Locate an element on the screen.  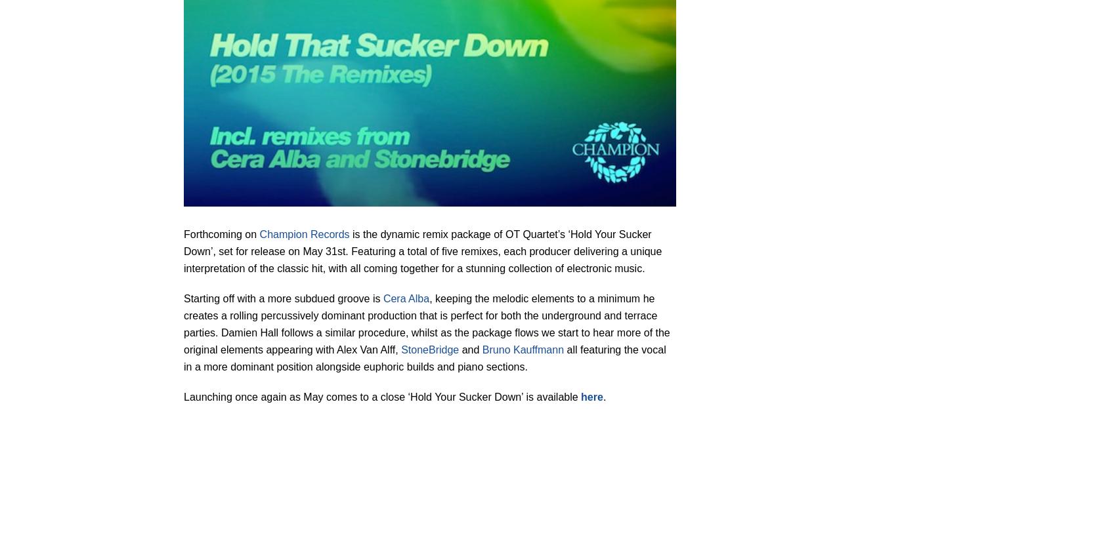
'Forthcoming on' is located at coordinates (221, 233).